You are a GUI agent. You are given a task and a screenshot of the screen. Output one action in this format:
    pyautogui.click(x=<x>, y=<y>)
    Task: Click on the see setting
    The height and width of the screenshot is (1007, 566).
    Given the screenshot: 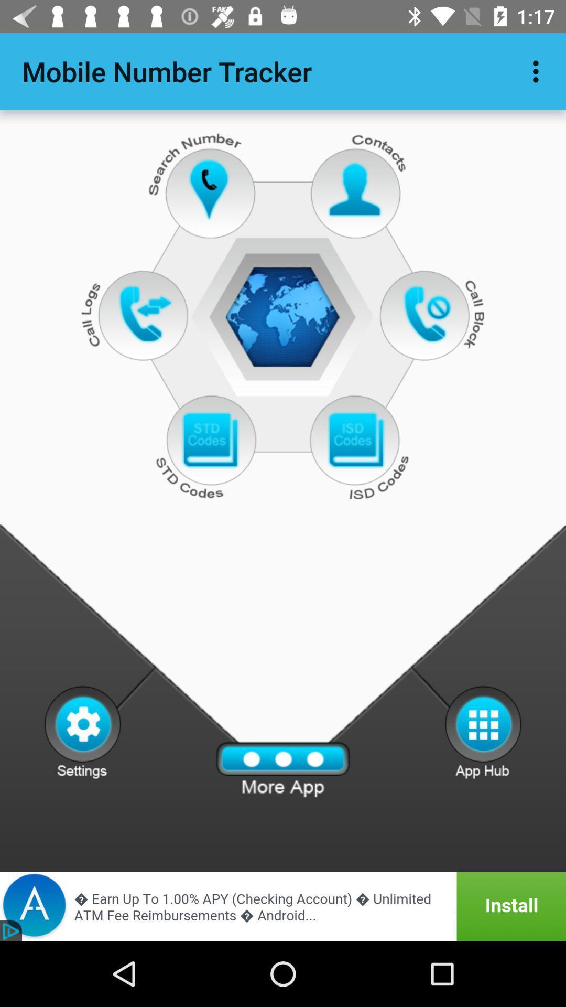 What is the action you would take?
    pyautogui.click(x=82, y=731)
    